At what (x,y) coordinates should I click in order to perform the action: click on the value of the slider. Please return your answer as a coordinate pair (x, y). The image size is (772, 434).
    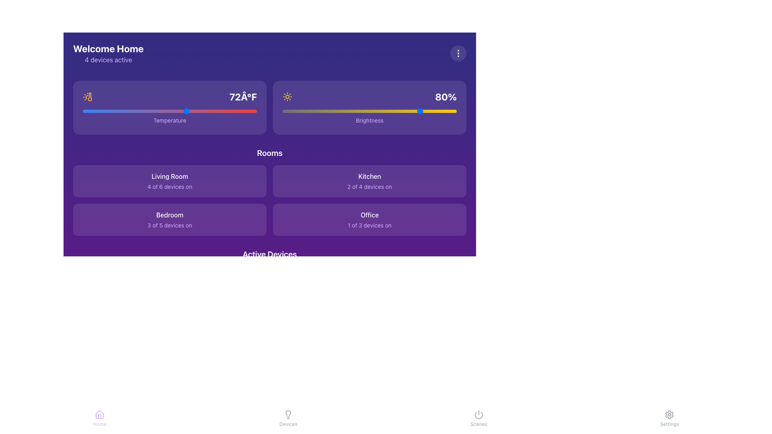
    Looking at the image, I should click on (239, 111).